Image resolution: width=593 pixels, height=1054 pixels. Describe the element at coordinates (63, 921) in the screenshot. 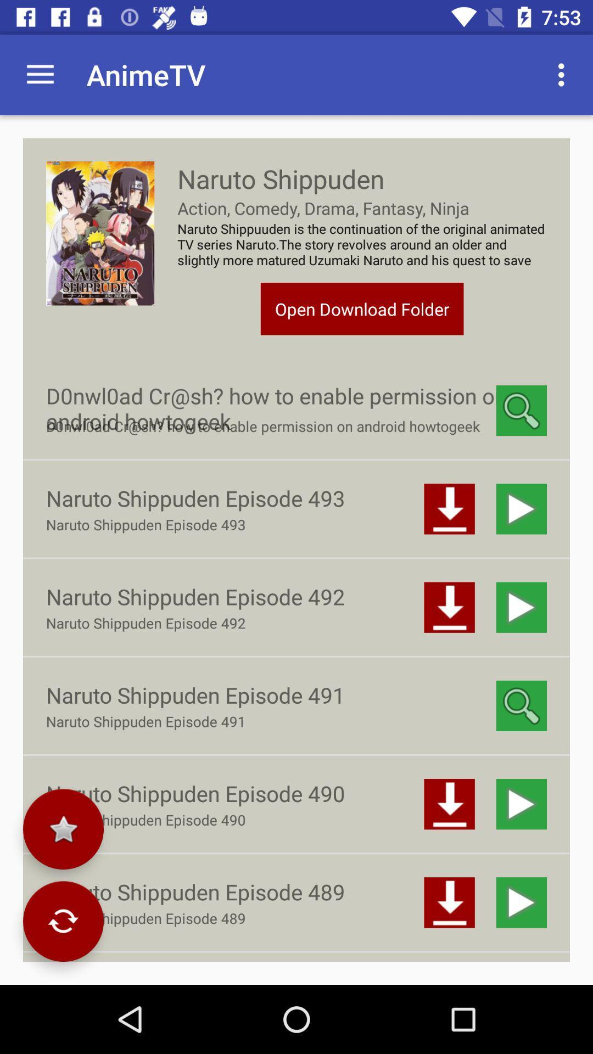

I see `the refresh icon` at that location.